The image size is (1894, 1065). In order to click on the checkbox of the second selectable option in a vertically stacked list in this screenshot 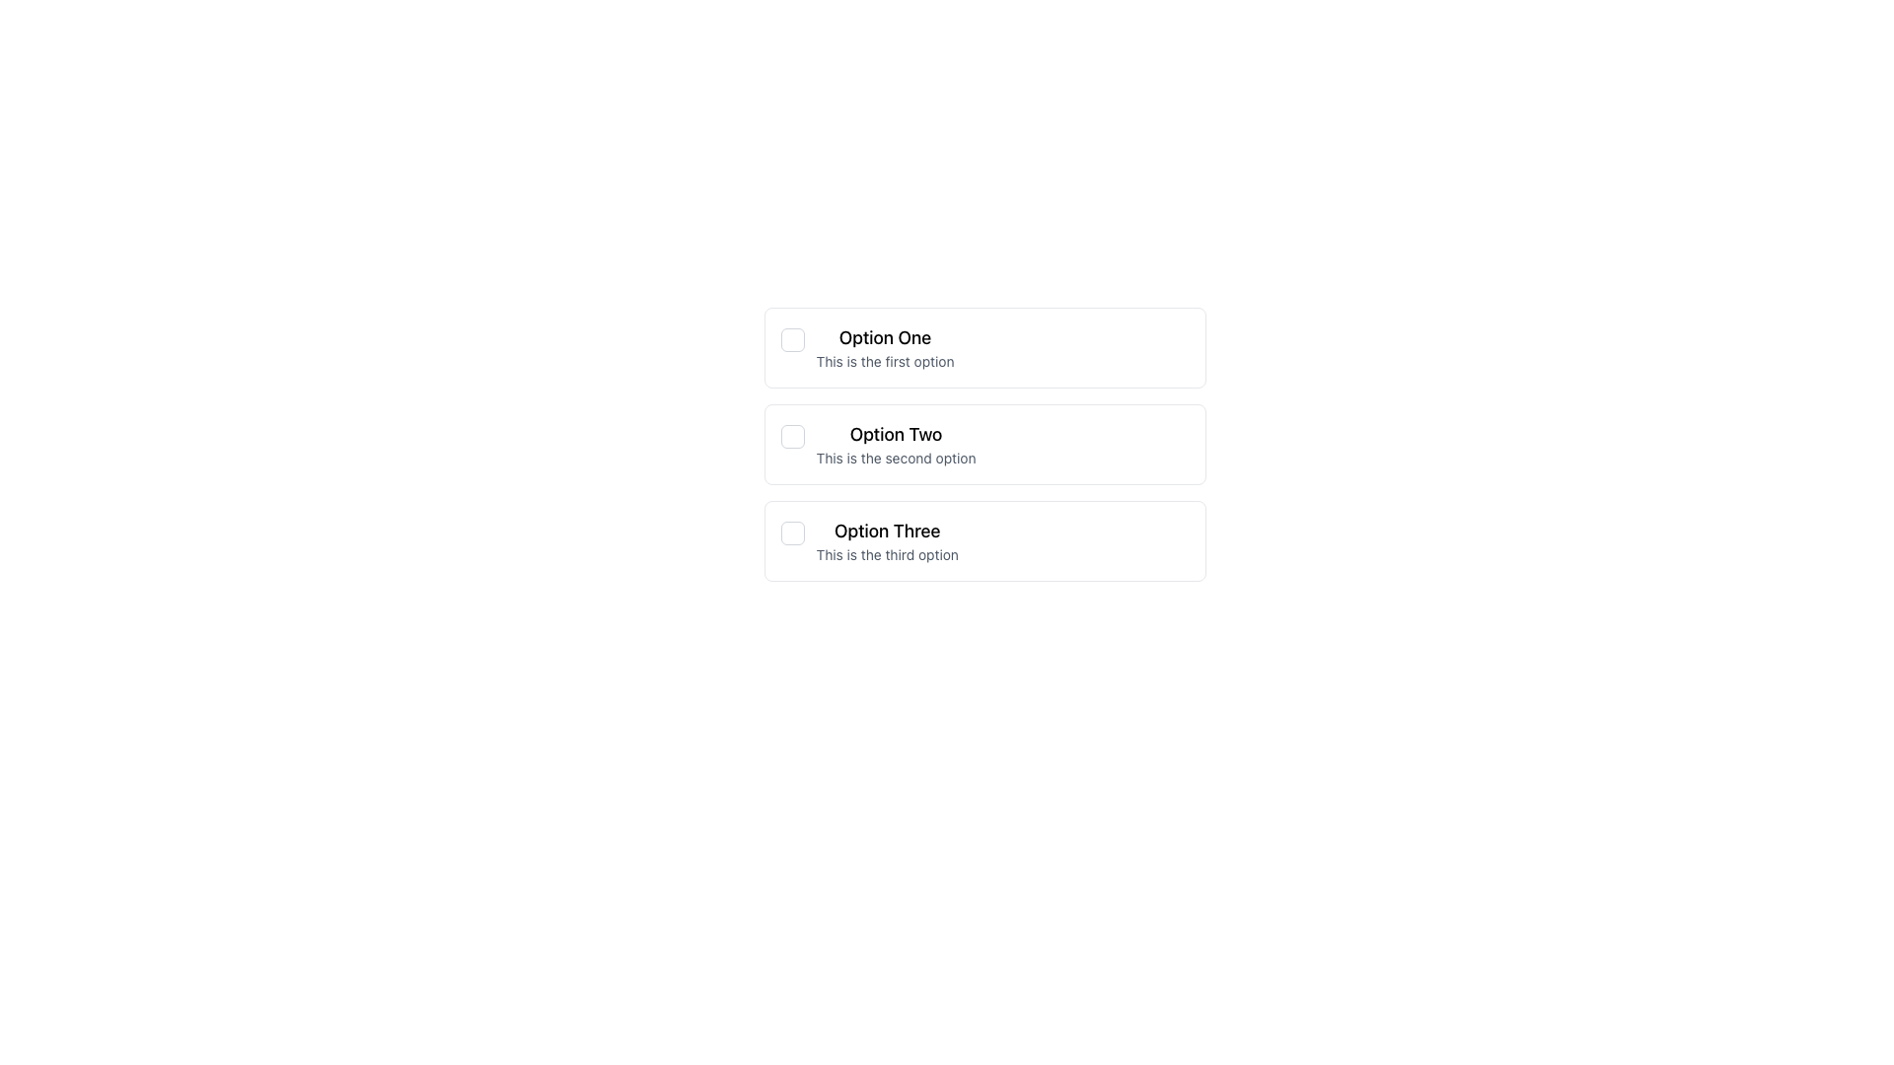, I will do `click(984, 445)`.